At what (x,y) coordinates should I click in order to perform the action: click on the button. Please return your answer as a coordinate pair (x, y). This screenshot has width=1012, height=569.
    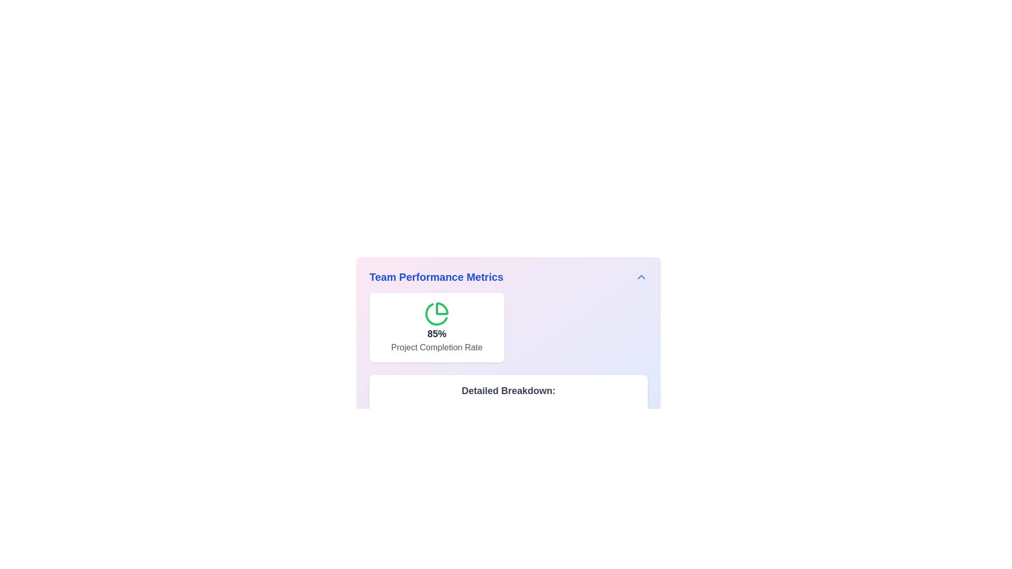
    Looking at the image, I should click on (641, 276).